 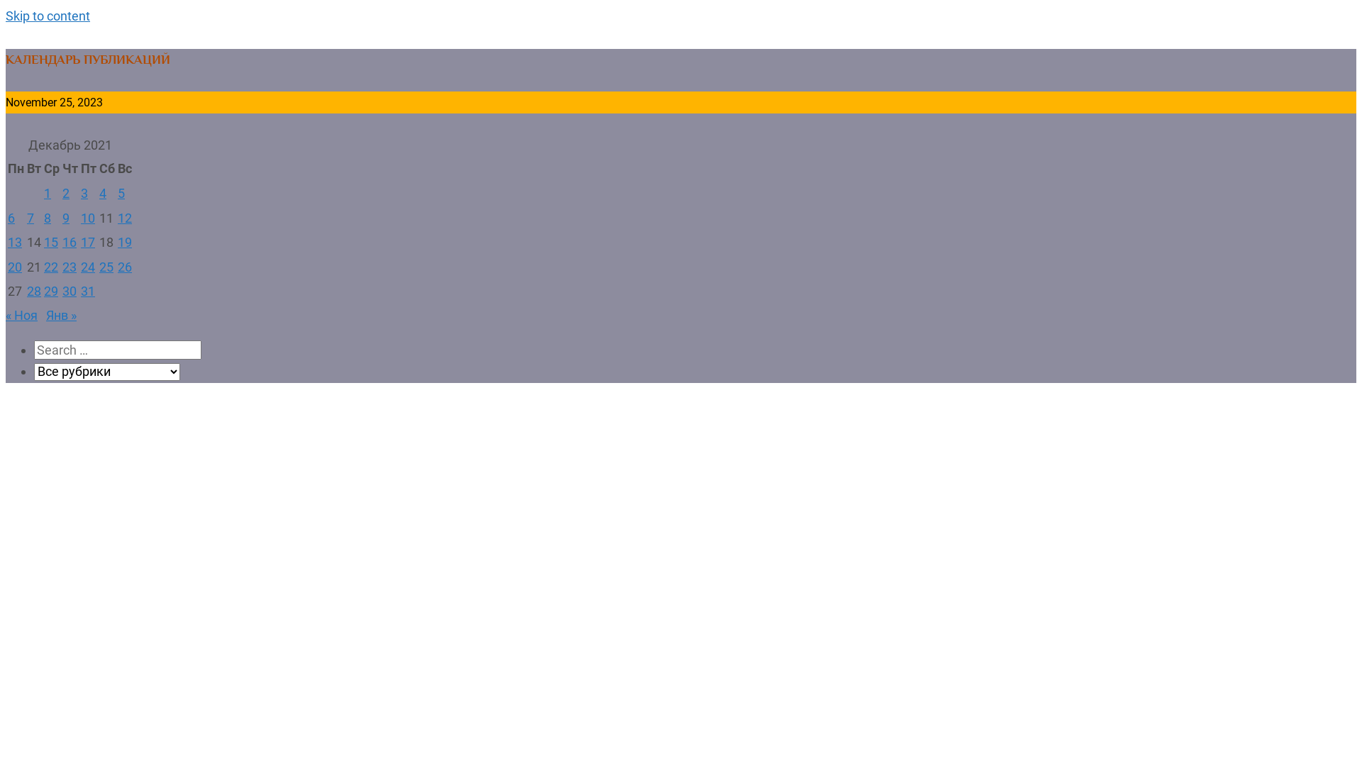 I want to click on '6', so click(x=11, y=218).